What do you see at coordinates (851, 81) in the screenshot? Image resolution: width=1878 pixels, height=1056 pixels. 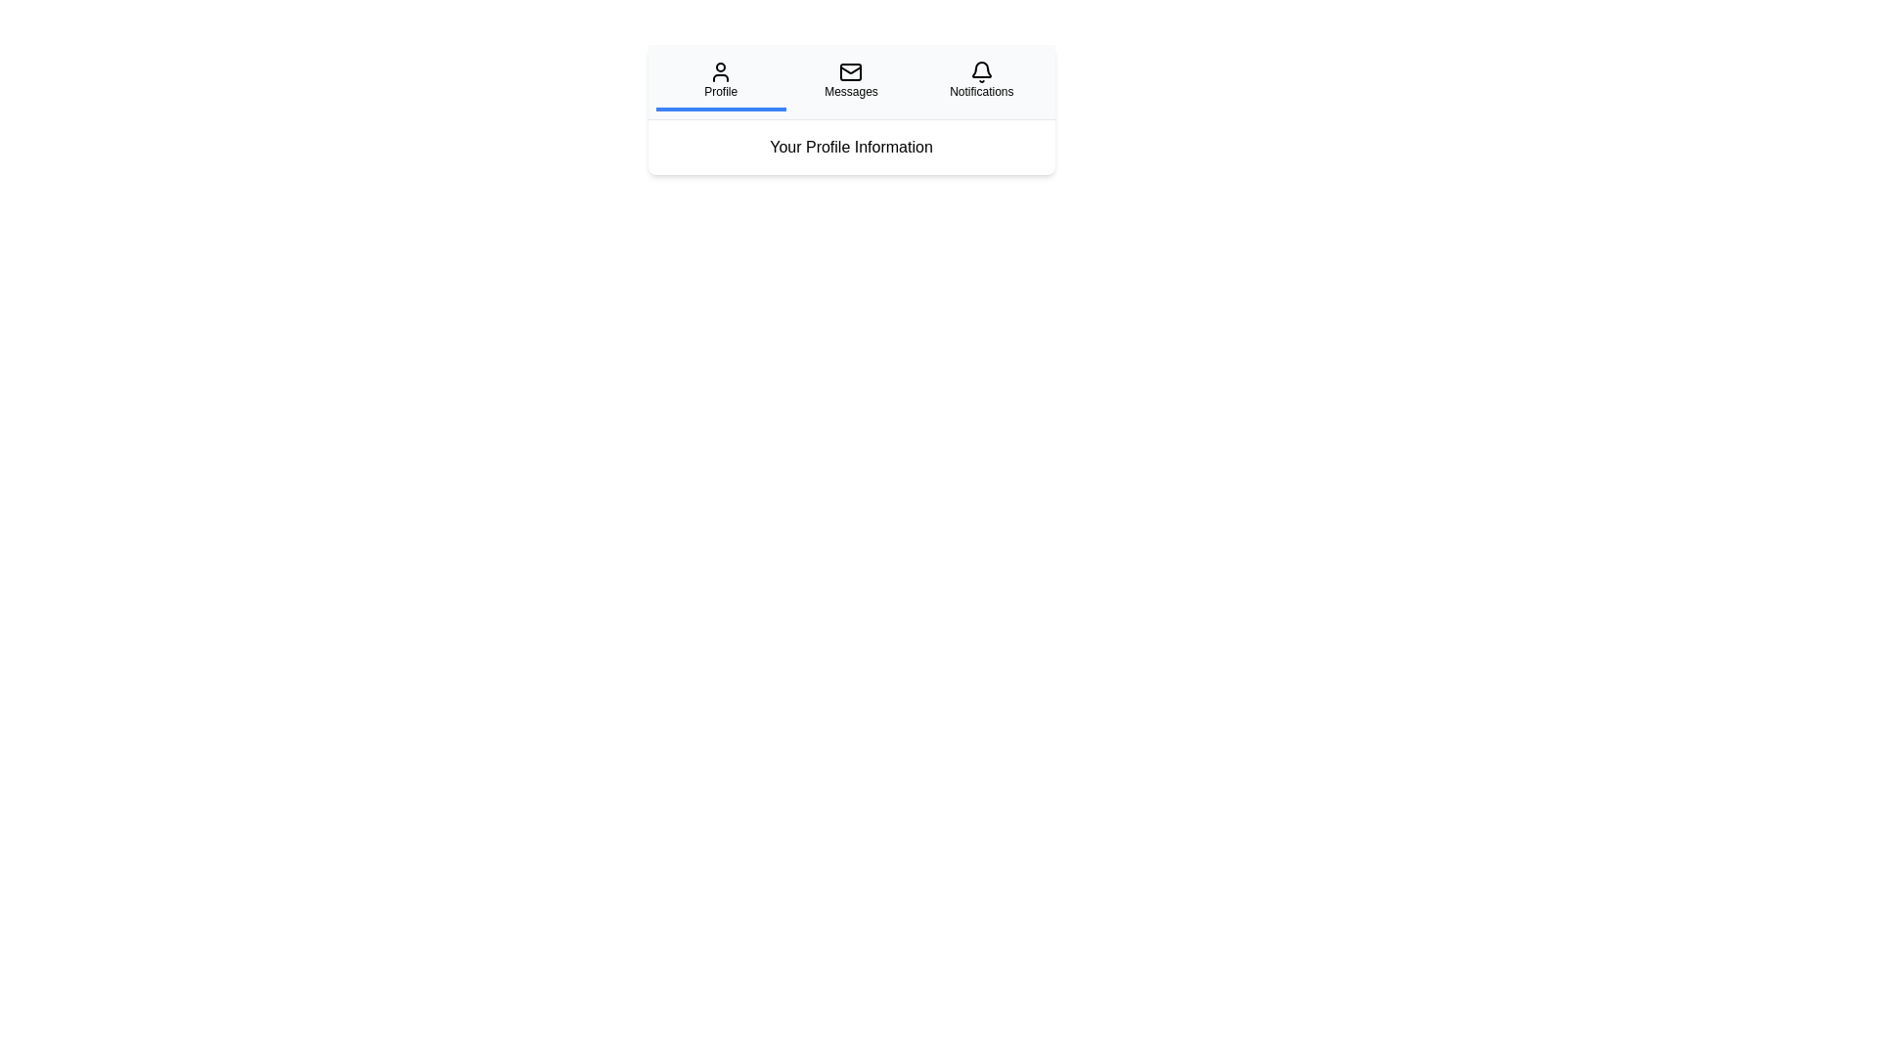 I see `the 'Messages' interactive button in the navigation bar` at bounding box center [851, 81].